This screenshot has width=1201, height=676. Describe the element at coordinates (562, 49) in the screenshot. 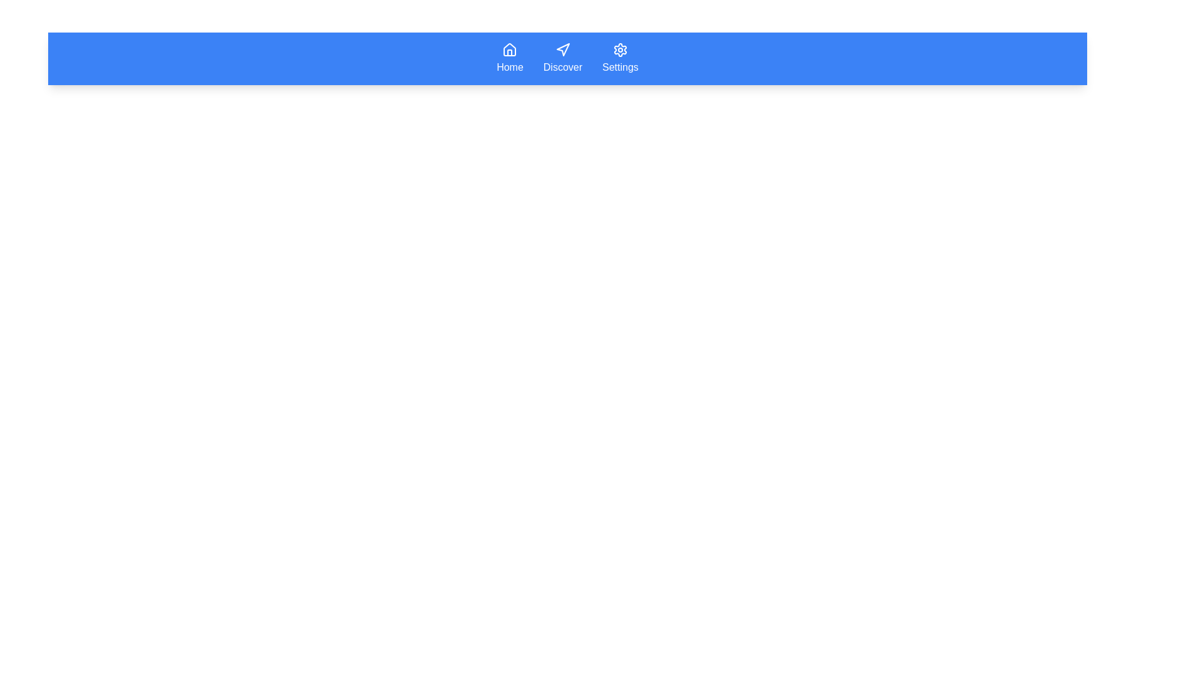

I see `the navigation arrow or compass icon located in the blue top navigation bar above the 'Discover' label` at that location.